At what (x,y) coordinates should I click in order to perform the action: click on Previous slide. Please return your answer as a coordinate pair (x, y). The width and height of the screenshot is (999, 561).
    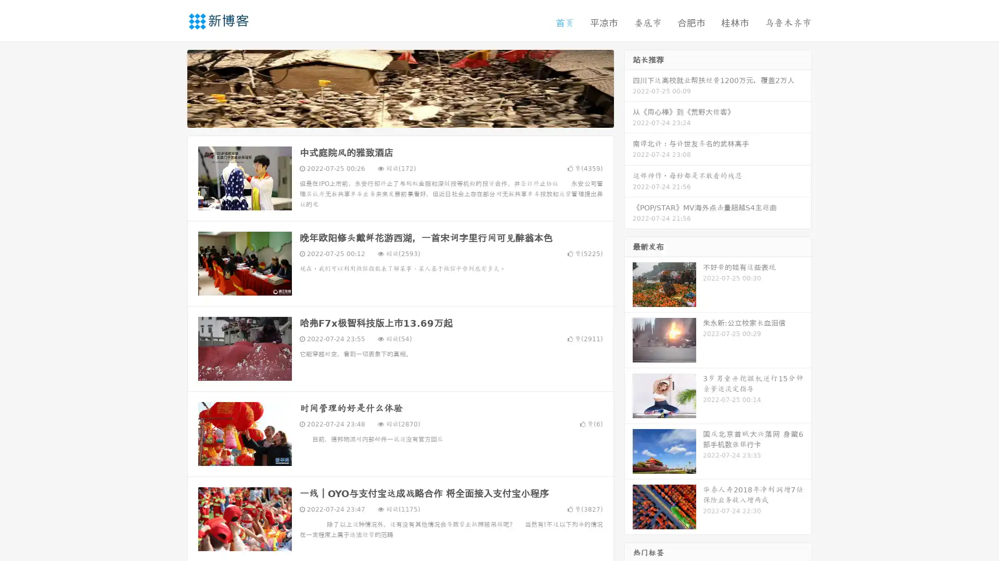
    Looking at the image, I should click on (172, 87).